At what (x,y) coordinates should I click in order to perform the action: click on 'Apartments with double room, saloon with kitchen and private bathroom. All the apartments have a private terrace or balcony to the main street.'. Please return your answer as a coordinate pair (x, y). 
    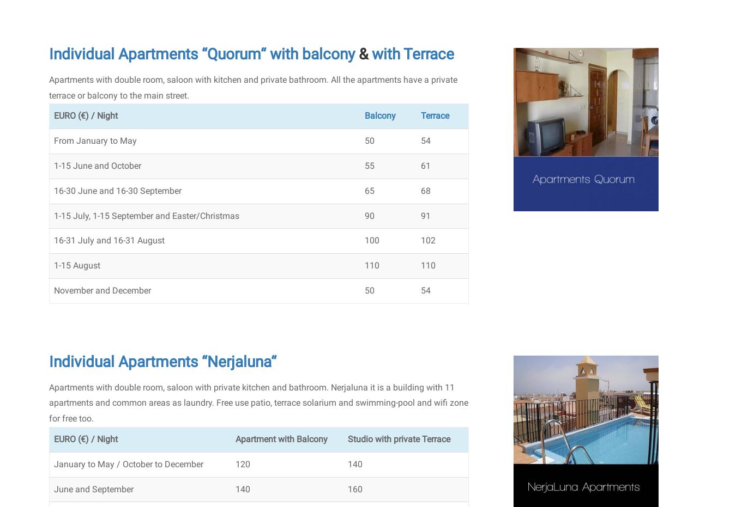
    Looking at the image, I should click on (252, 87).